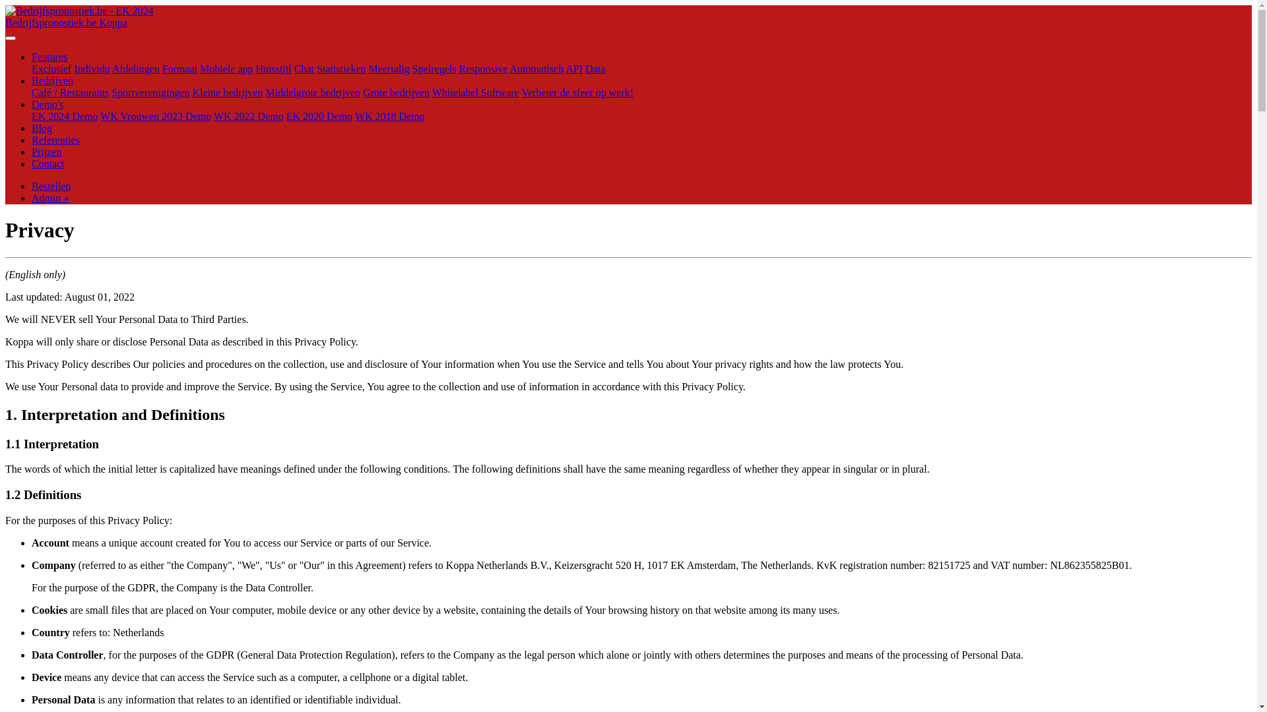  Describe the element at coordinates (573, 69) in the screenshot. I see `'API'` at that location.